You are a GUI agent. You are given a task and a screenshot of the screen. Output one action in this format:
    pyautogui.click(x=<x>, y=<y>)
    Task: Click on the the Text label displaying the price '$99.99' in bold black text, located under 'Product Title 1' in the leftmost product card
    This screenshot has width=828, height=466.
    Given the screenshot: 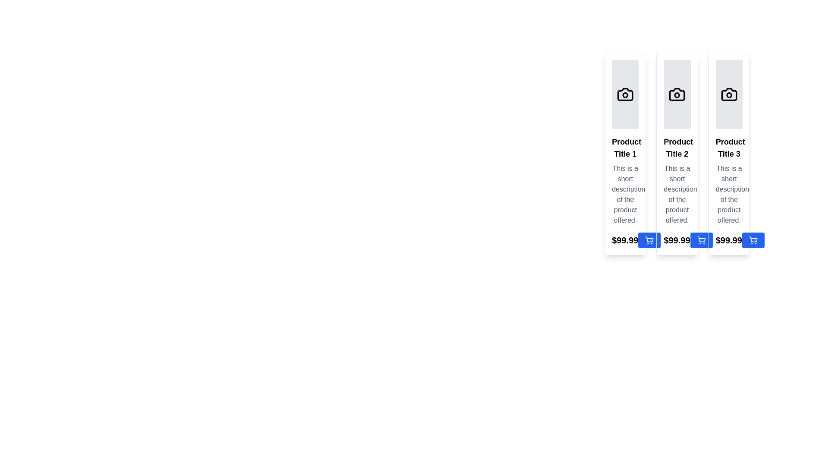 What is the action you would take?
    pyautogui.click(x=625, y=240)
    